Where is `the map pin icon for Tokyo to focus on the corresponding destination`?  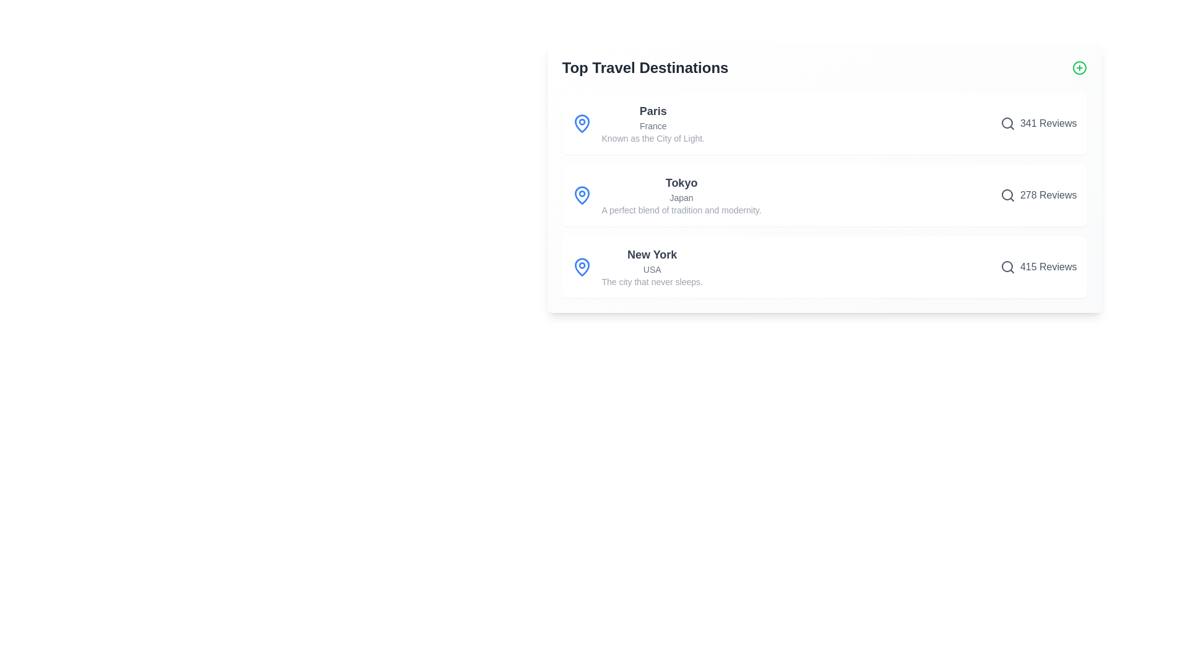 the map pin icon for Tokyo to focus on the corresponding destination is located at coordinates (581, 195).